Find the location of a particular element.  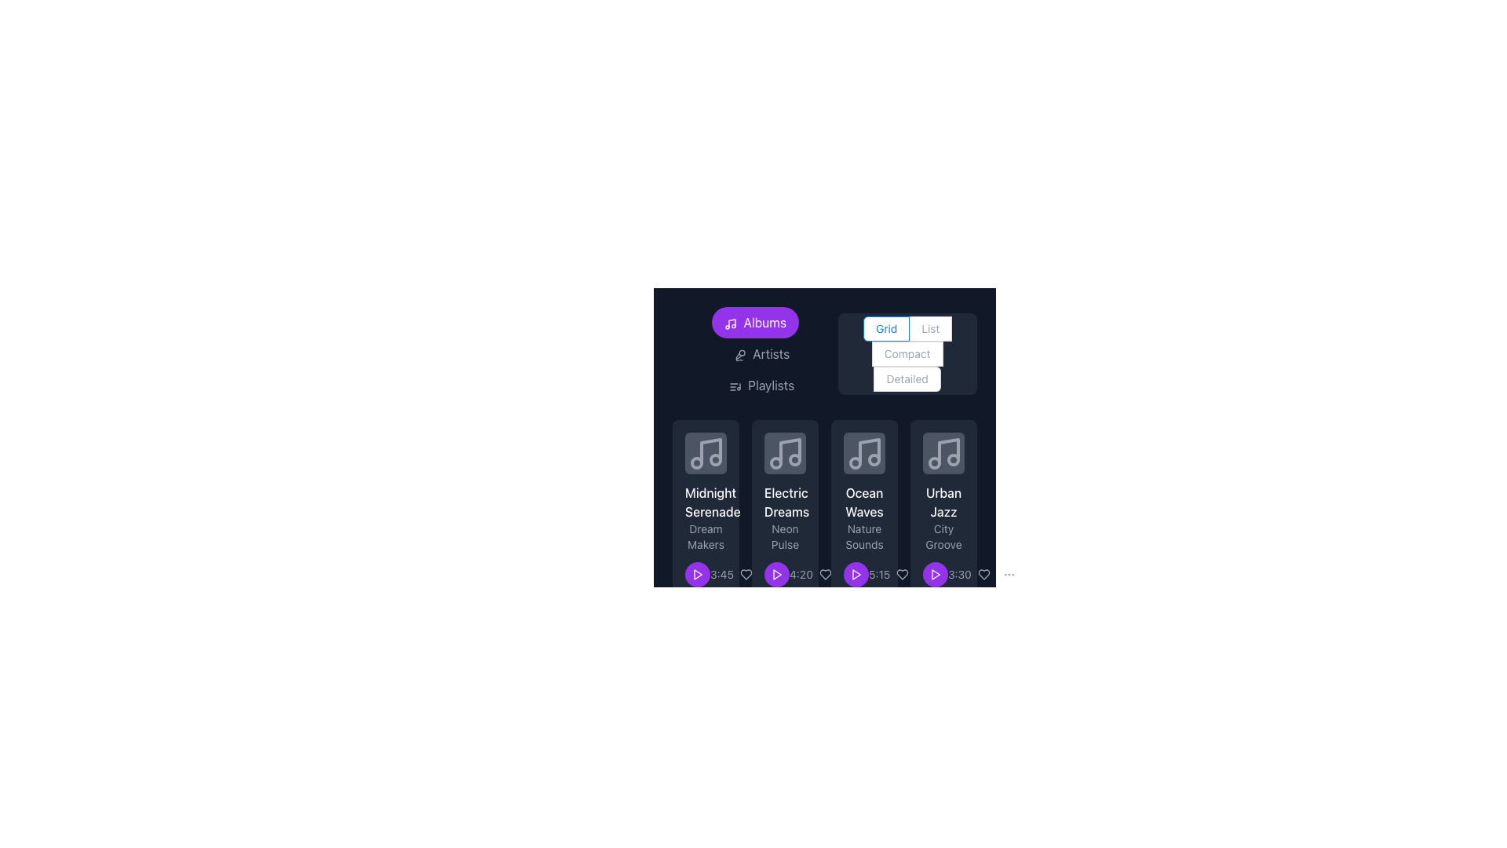

the leftmost circular detail of the musical note icon in the album card labeled 'Midnight Serenade' is located at coordinates (695, 462).